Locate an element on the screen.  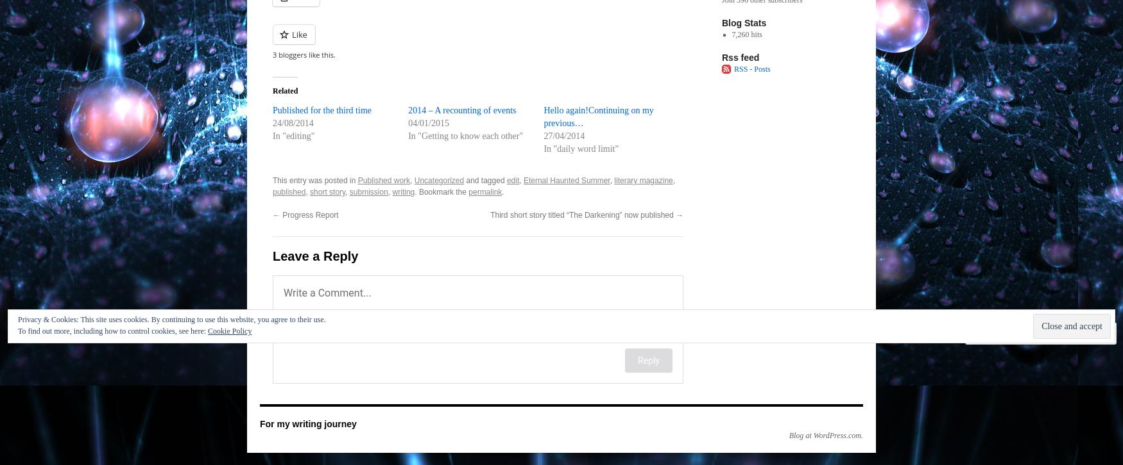
'Uncategorized' is located at coordinates (413, 179).